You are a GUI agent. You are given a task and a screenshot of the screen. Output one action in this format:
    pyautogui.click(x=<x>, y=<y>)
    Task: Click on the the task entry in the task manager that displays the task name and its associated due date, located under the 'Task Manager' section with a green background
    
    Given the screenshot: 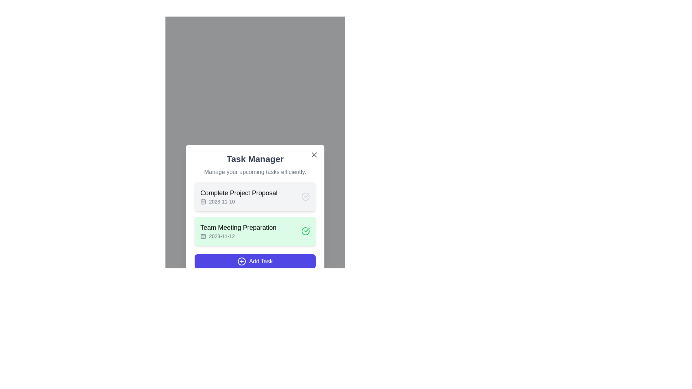 What is the action you would take?
    pyautogui.click(x=238, y=231)
    